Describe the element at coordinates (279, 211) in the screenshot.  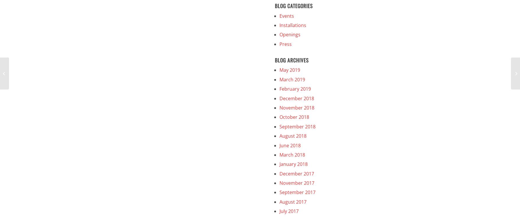
I see `'July 2017'` at that location.